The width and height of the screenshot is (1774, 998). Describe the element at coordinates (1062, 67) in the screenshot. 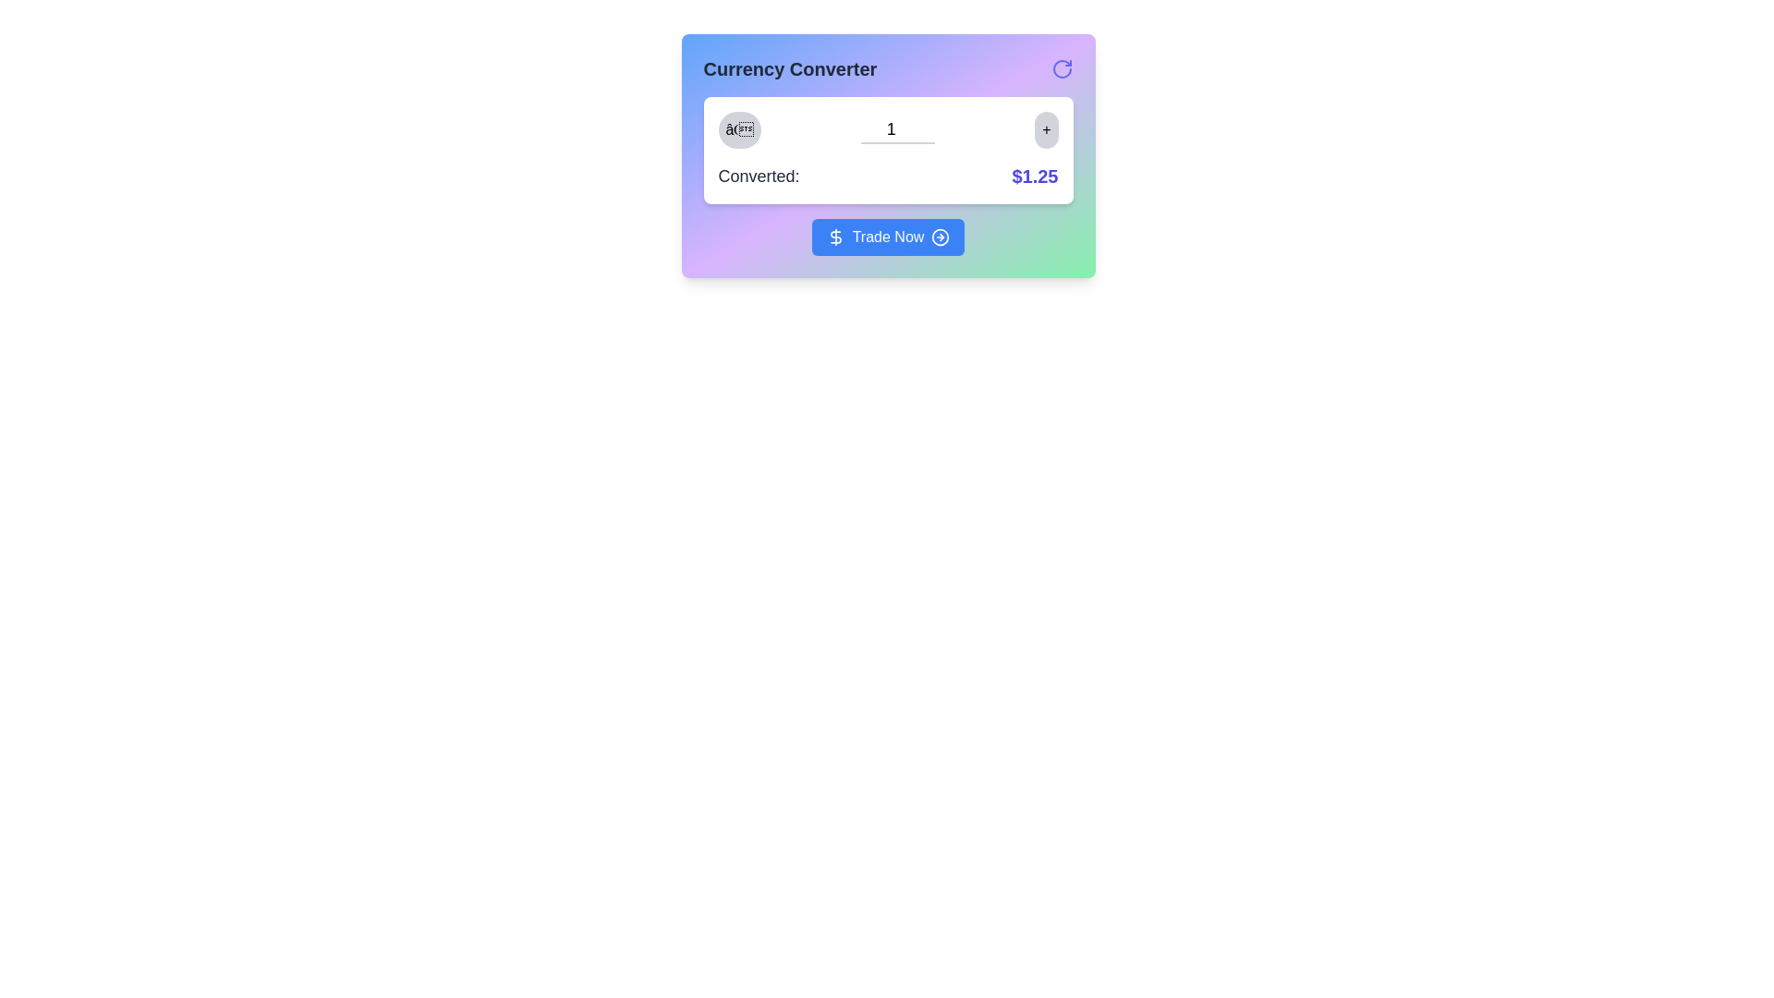

I see `the blue circular arrow icon representing the refresh action located at the top-right corner of the header section next to the title 'Currency Converter' to initiate a refresh` at that location.